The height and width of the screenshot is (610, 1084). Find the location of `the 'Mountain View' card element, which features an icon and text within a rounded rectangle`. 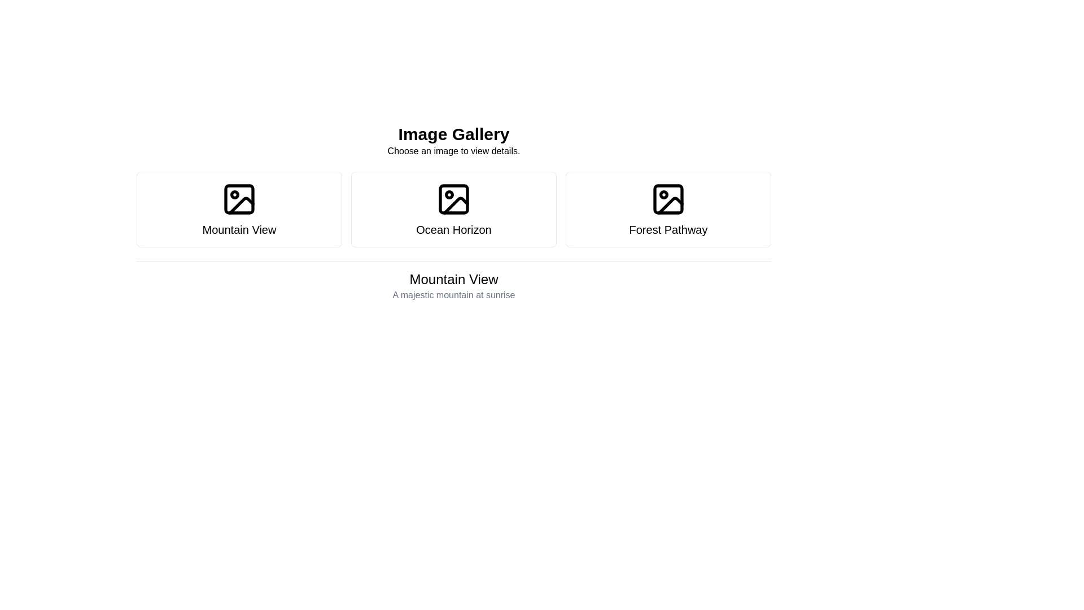

the 'Mountain View' card element, which features an icon and text within a rounded rectangle is located at coordinates (238, 209).